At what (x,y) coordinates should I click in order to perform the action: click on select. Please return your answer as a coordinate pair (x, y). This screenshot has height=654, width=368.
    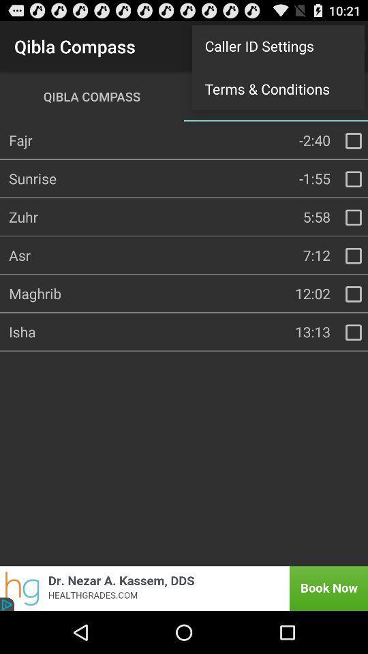
    Looking at the image, I should click on (353, 294).